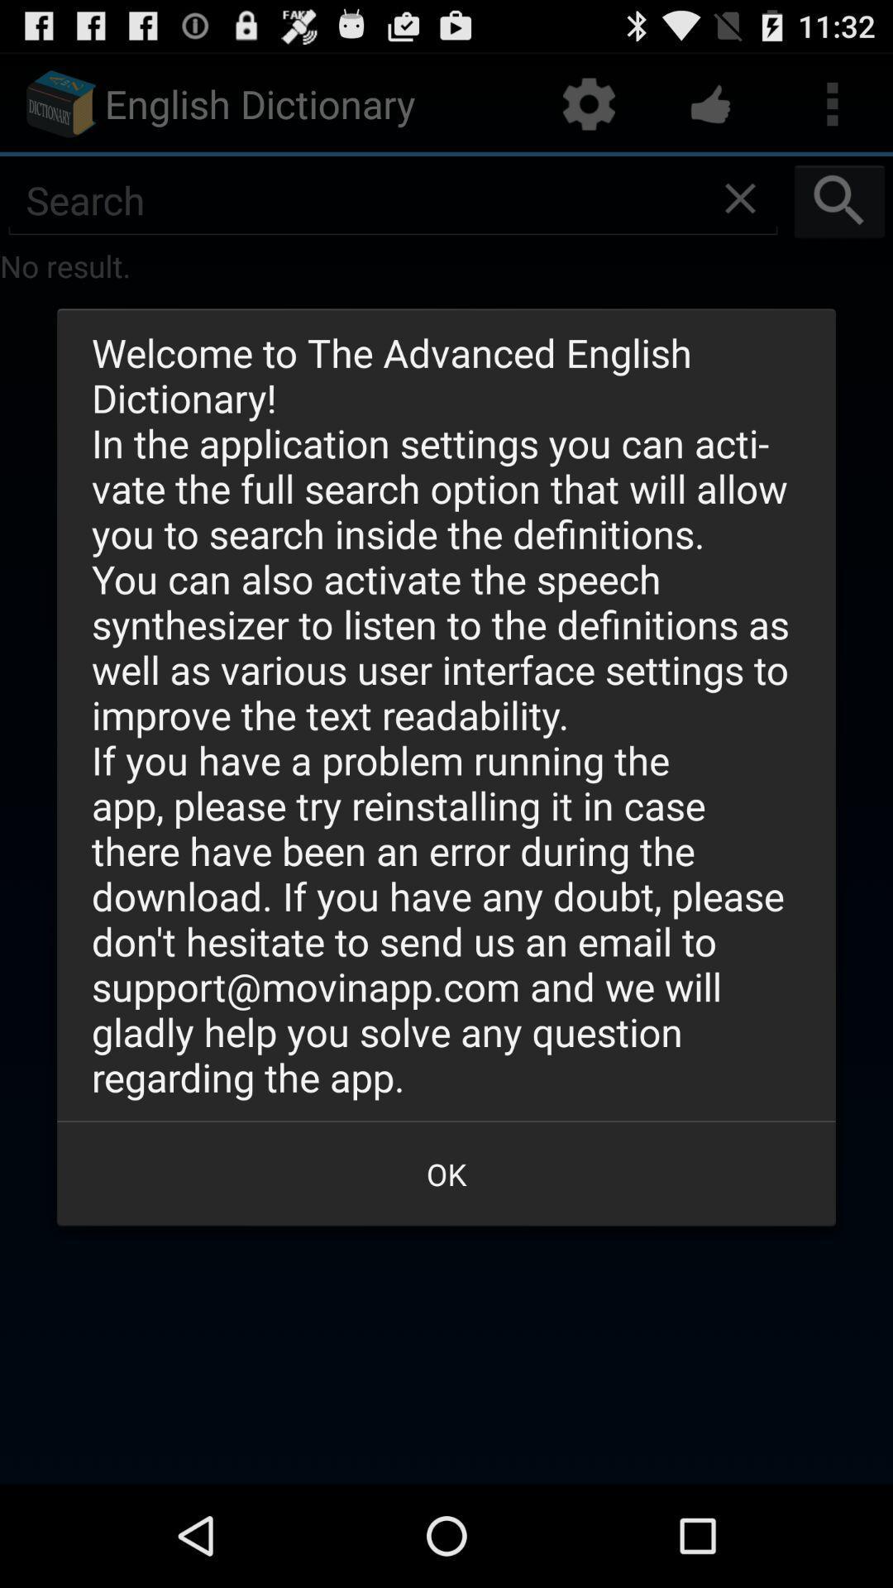 This screenshot has height=1588, width=893. Describe the element at coordinates (446, 1173) in the screenshot. I see `ok` at that location.